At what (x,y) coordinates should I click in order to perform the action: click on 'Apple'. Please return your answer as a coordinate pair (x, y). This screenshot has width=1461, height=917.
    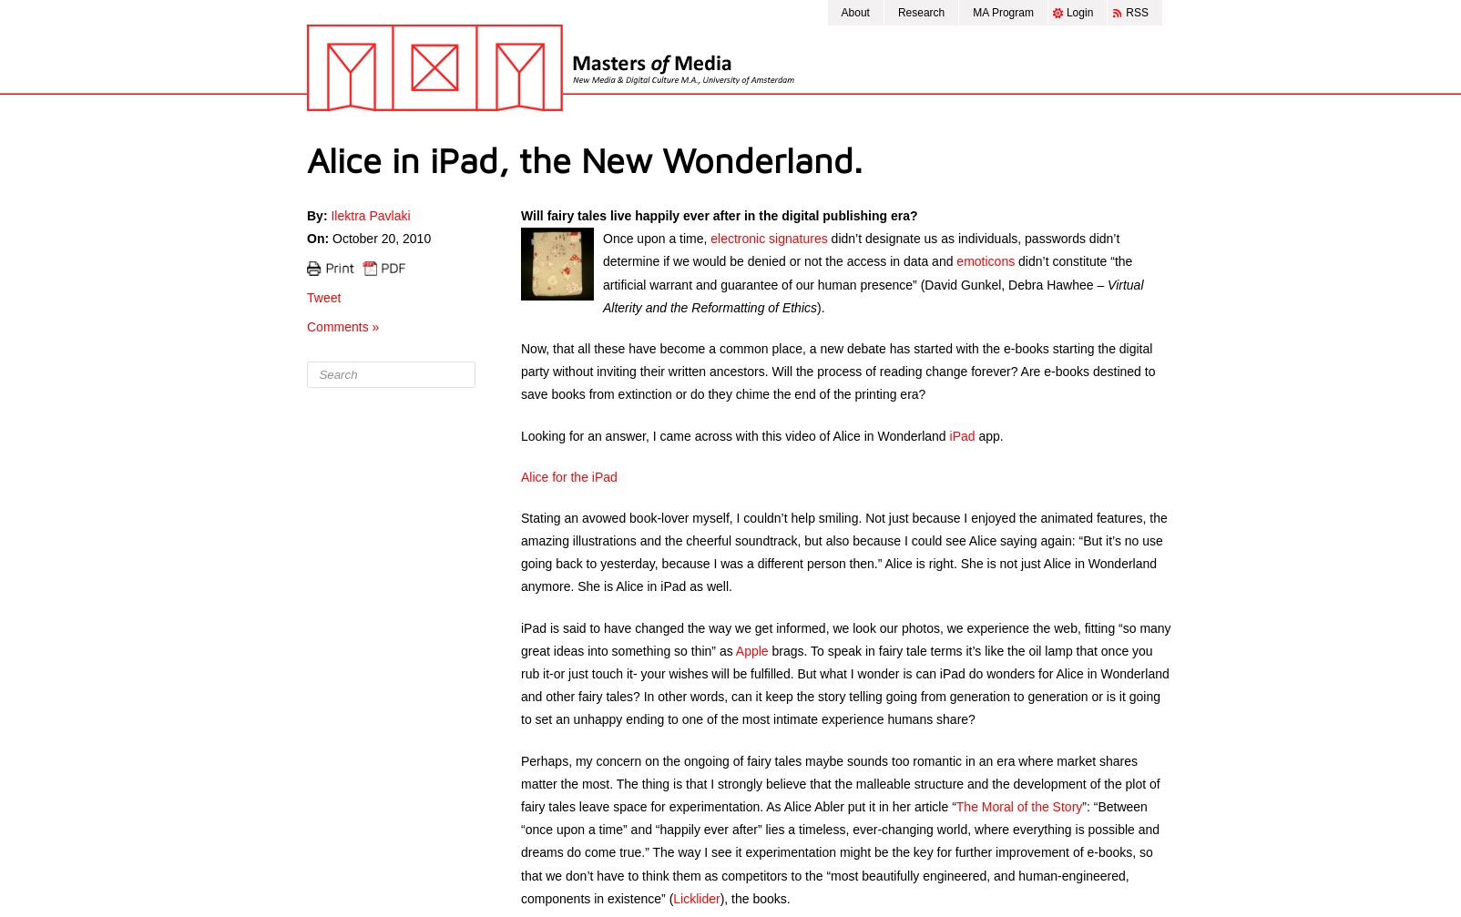
    Looking at the image, I should click on (750, 648).